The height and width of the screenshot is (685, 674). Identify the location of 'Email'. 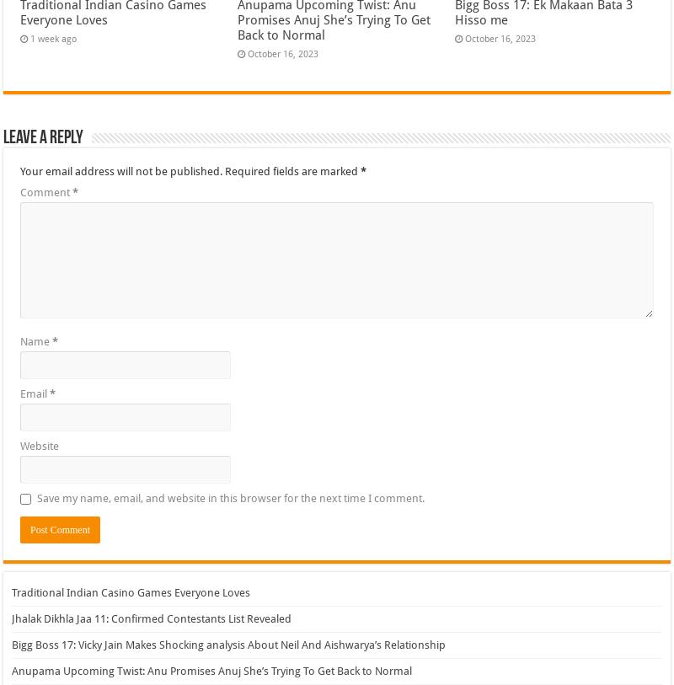
(34, 393).